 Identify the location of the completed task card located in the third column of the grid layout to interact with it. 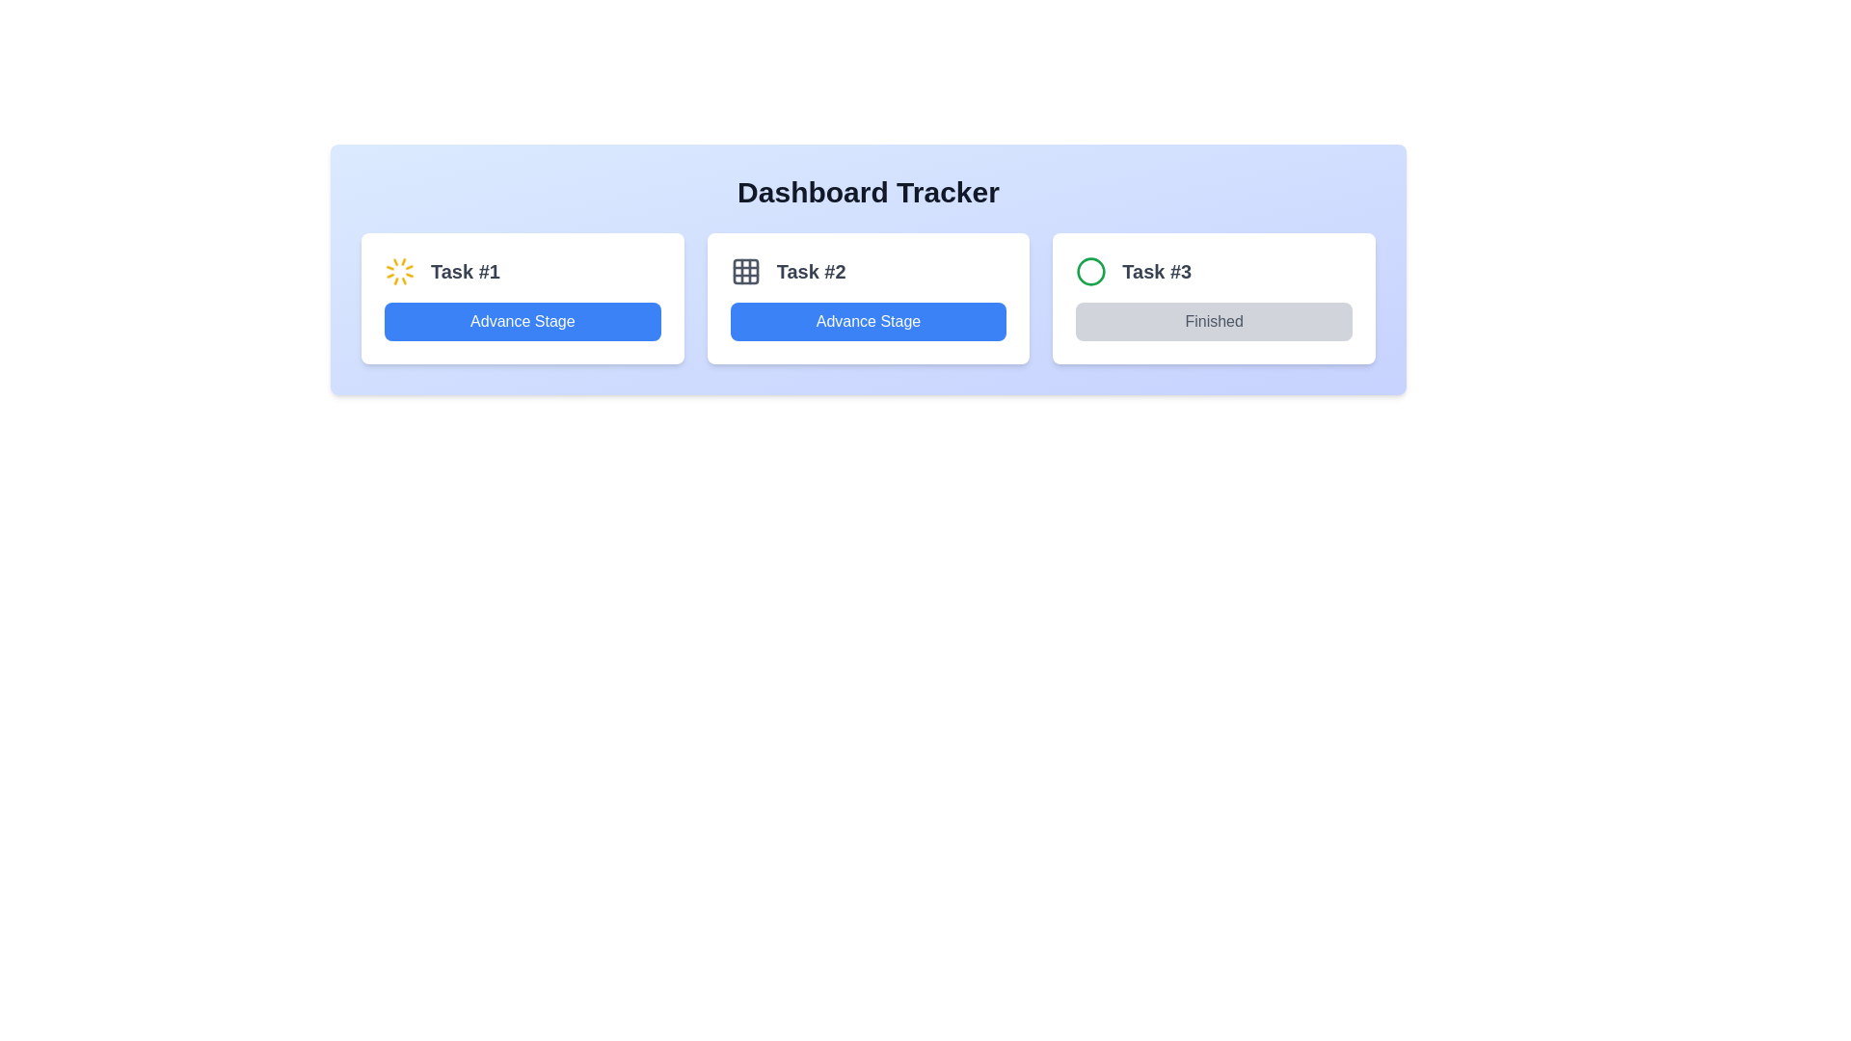
(1213, 298).